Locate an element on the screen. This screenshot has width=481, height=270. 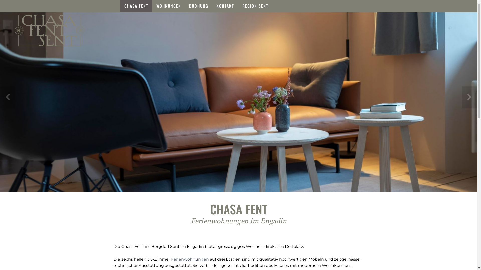
'WOHNUNGEN' is located at coordinates (169, 6).